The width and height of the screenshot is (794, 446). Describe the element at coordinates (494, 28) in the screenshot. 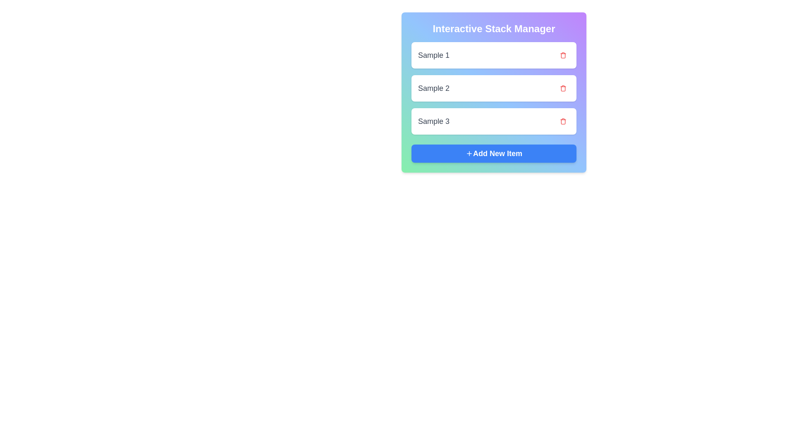

I see `the title 'Interactive Stack Manager', which is displayed in bold, white text on a colorful gradient background, to focus on it` at that location.